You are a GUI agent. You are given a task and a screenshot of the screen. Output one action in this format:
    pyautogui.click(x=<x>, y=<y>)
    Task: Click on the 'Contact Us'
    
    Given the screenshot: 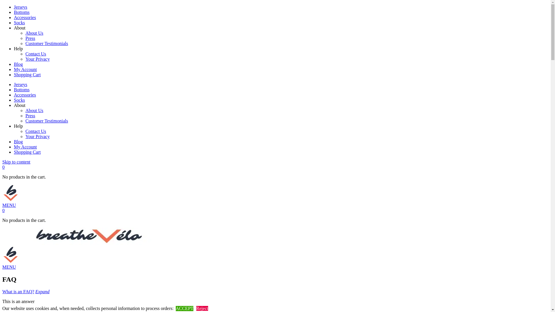 What is the action you would take?
    pyautogui.click(x=36, y=131)
    